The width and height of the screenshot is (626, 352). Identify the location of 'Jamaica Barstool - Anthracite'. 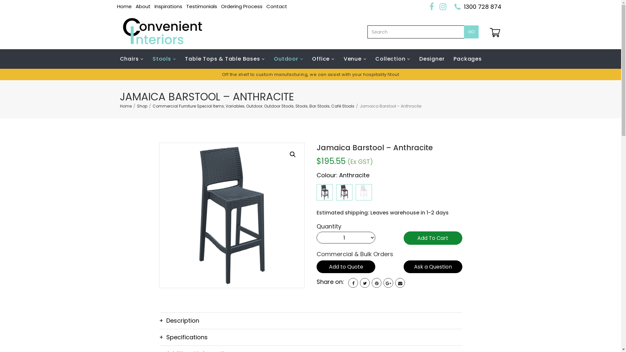
(231, 215).